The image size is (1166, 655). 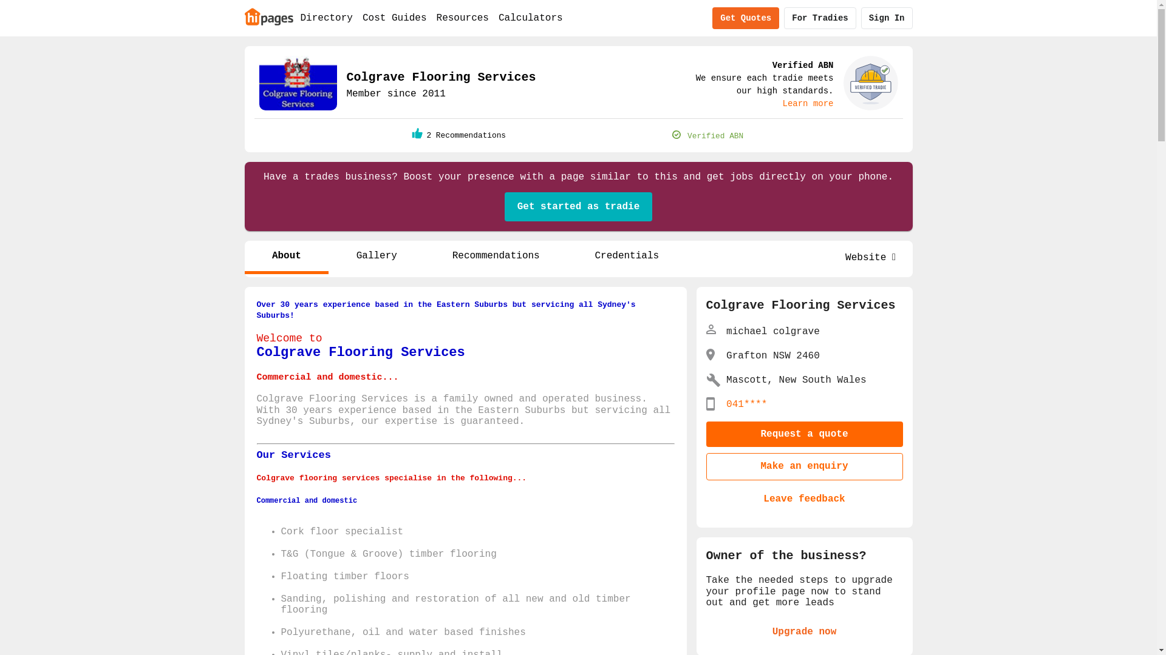 I want to click on 'For Tradies', so click(x=784, y=18).